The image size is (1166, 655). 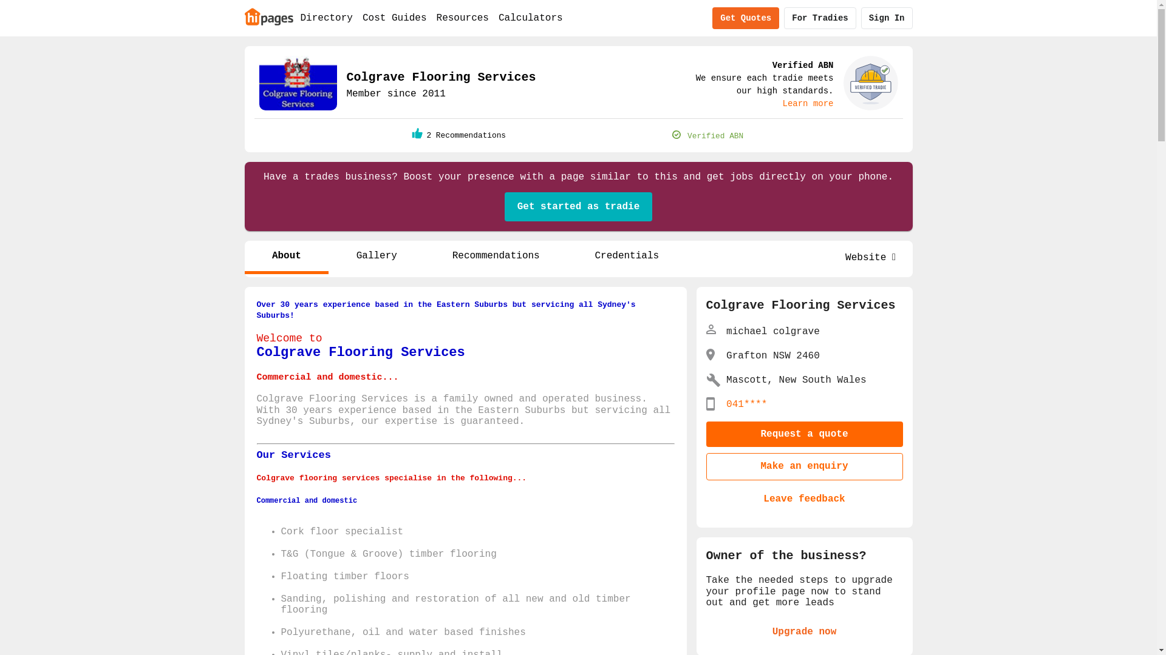 I want to click on 'For Tradies', so click(x=784, y=18).